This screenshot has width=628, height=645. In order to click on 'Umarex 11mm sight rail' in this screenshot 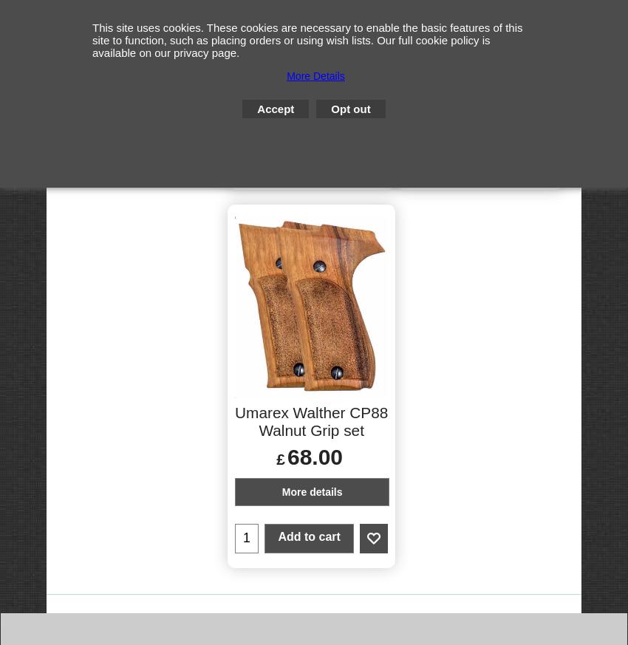, I will do `click(311, 42)`.